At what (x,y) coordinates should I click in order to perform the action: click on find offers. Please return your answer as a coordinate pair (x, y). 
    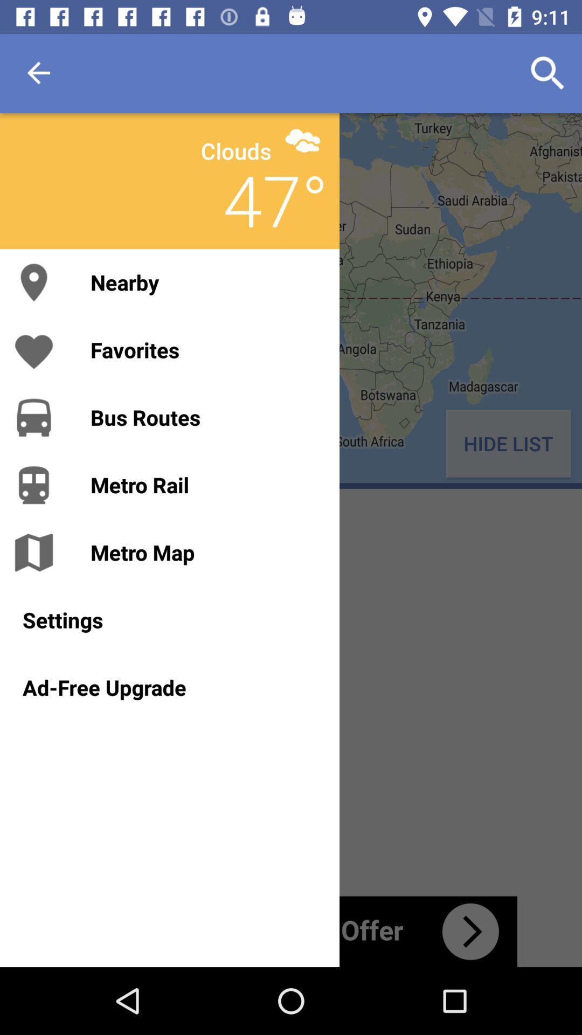
    Looking at the image, I should click on (291, 931).